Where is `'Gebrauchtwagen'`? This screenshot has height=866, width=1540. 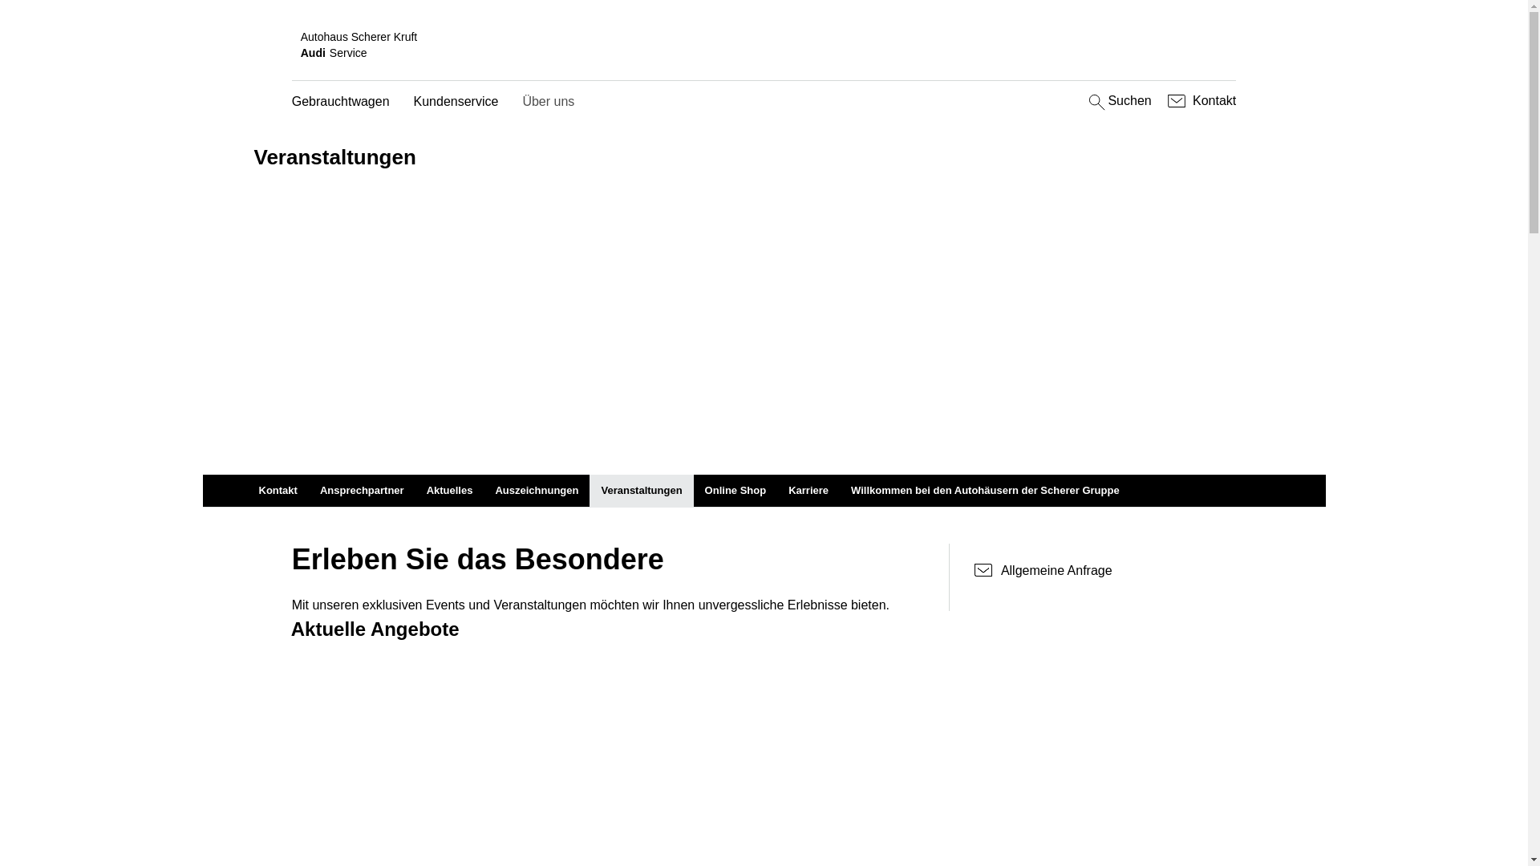 'Gebrauchtwagen' is located at coordinates (340, 102).